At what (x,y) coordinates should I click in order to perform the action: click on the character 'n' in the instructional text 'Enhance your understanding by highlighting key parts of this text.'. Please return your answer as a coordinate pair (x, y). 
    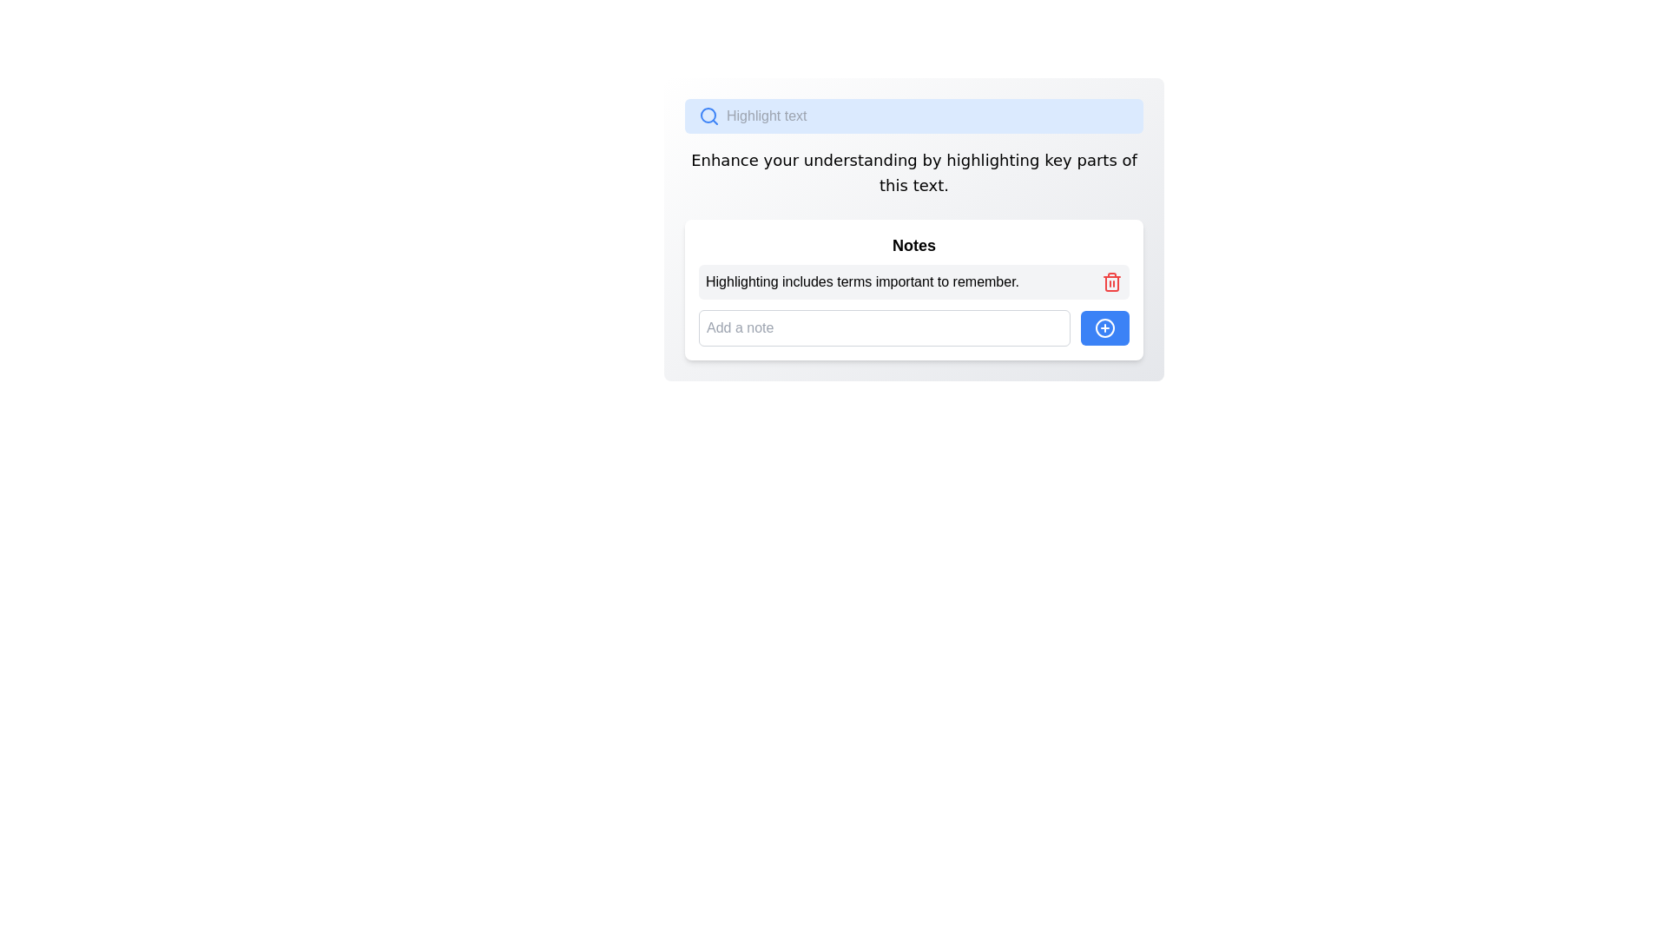
    Looking at the image, I should click on (735, 160).